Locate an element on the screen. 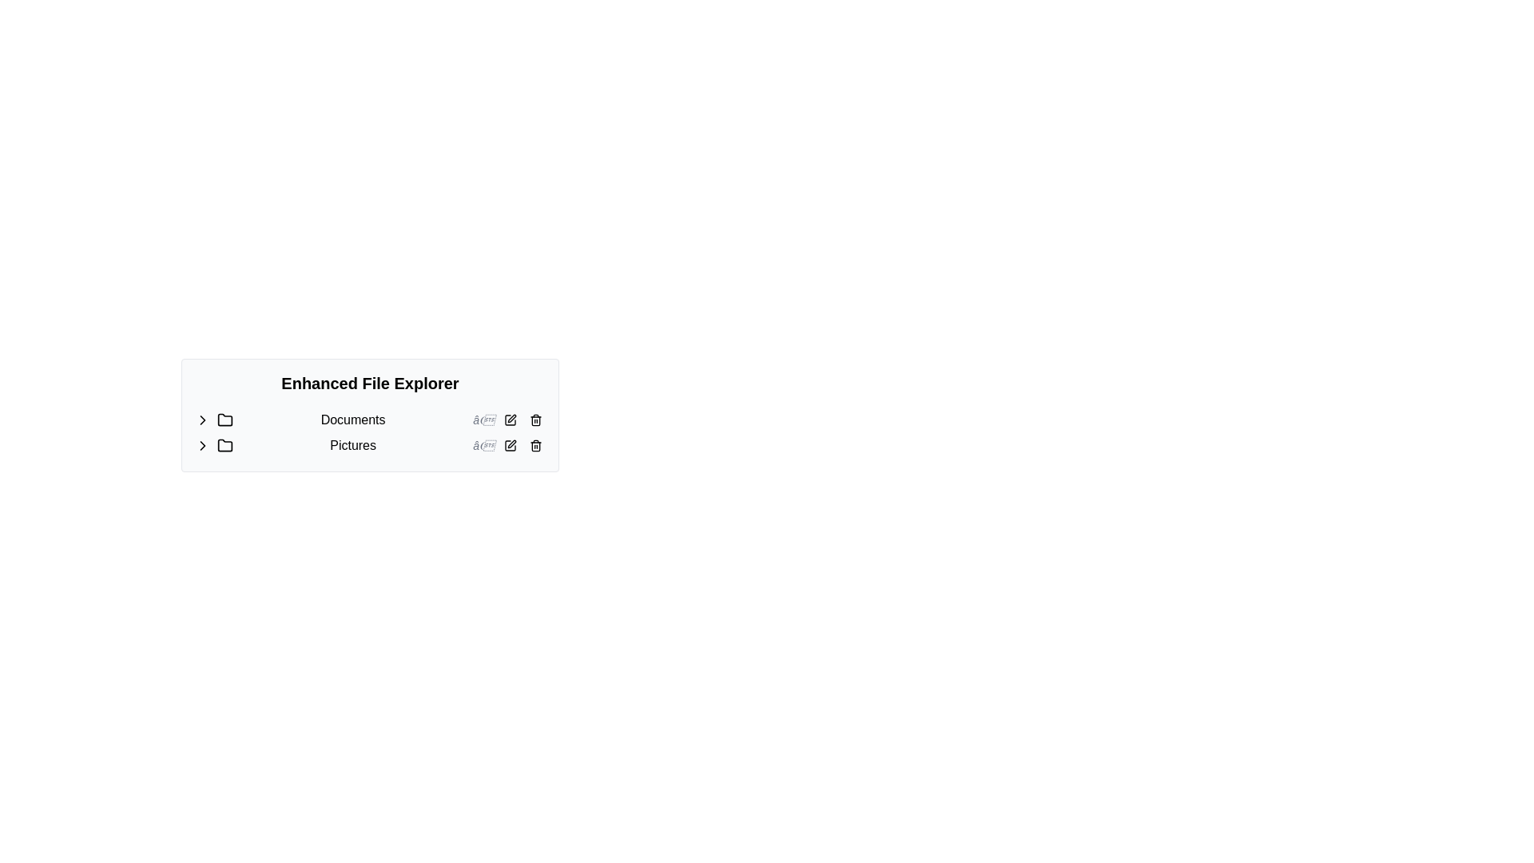 Image resolution: width=1534 pixels, height=863 pixels. the edit icon next to the 'Pictures' folder to initiate an edit action is located at coordinates (512, 443).